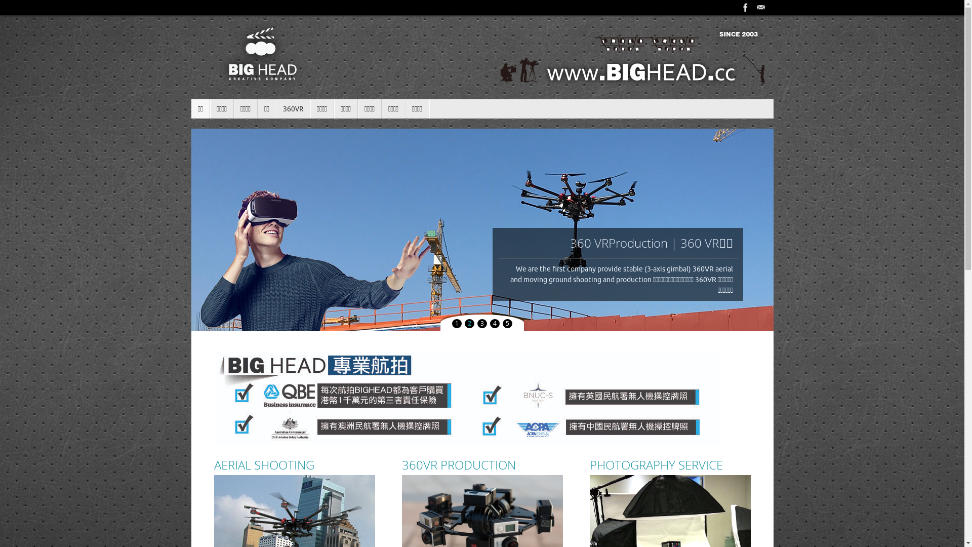 This screenshot has width=972, height=547. Describe the element at coordinates (503, 324) in the screenshot. I see `'5'` at that location.